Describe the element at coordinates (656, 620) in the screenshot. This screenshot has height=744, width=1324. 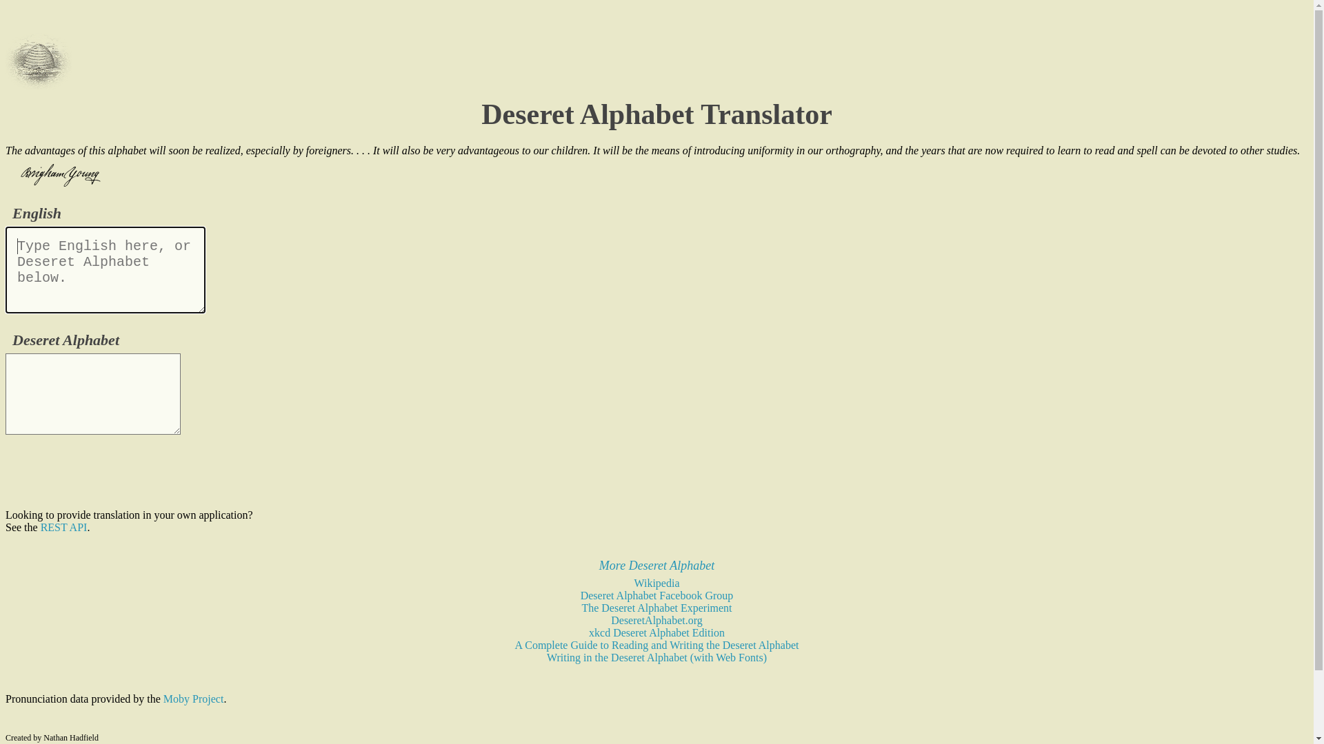
I see `'DeseretAlphabet.org'` at that location.